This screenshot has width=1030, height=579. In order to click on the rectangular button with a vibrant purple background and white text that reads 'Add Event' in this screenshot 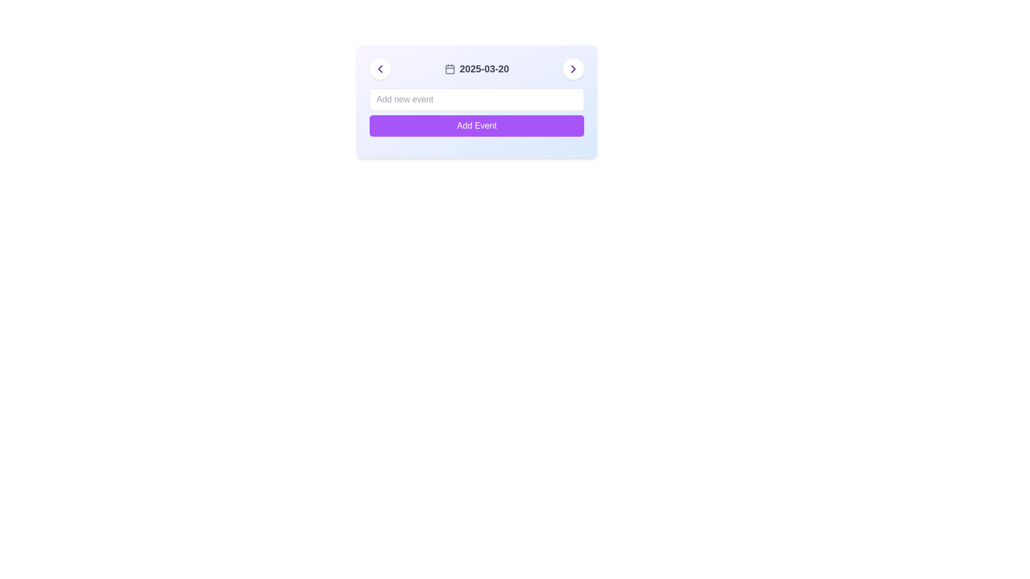, I will do `click(476, 125)`.